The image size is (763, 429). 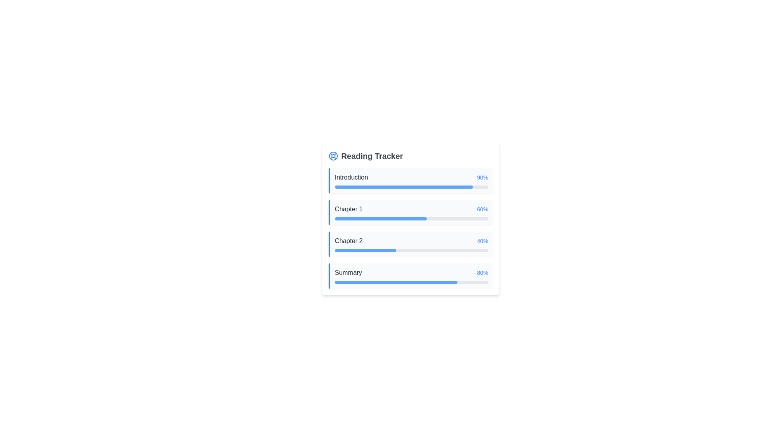 I want to click on the help icon located to the left of the 'Reading Tracker' header, so click(x=333, y=156).